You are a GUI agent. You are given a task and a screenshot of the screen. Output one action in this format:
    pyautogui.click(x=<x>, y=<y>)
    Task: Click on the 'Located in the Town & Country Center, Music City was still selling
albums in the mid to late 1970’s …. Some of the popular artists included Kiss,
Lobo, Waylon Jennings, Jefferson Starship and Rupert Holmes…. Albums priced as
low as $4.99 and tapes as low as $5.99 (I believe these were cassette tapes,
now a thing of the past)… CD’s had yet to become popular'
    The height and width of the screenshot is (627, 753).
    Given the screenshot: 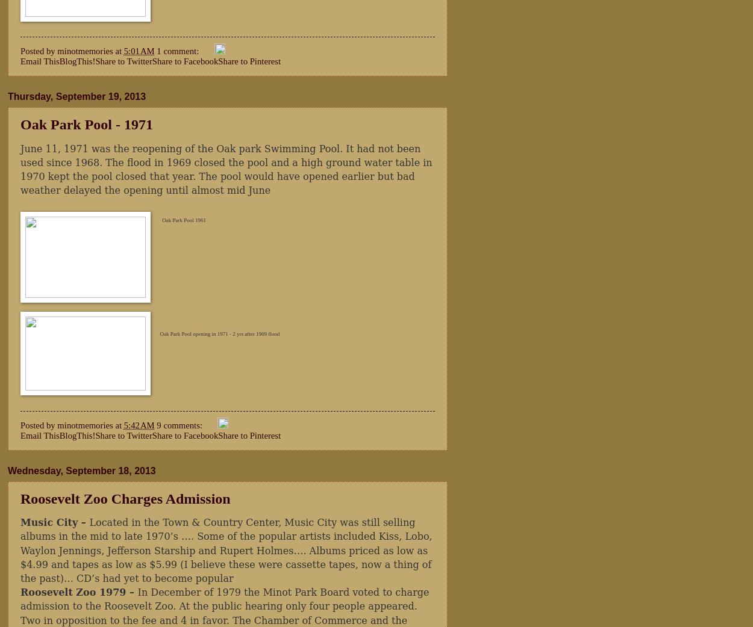 What is the action you would take?
    pyautogui.click(x=226, y=549)
    